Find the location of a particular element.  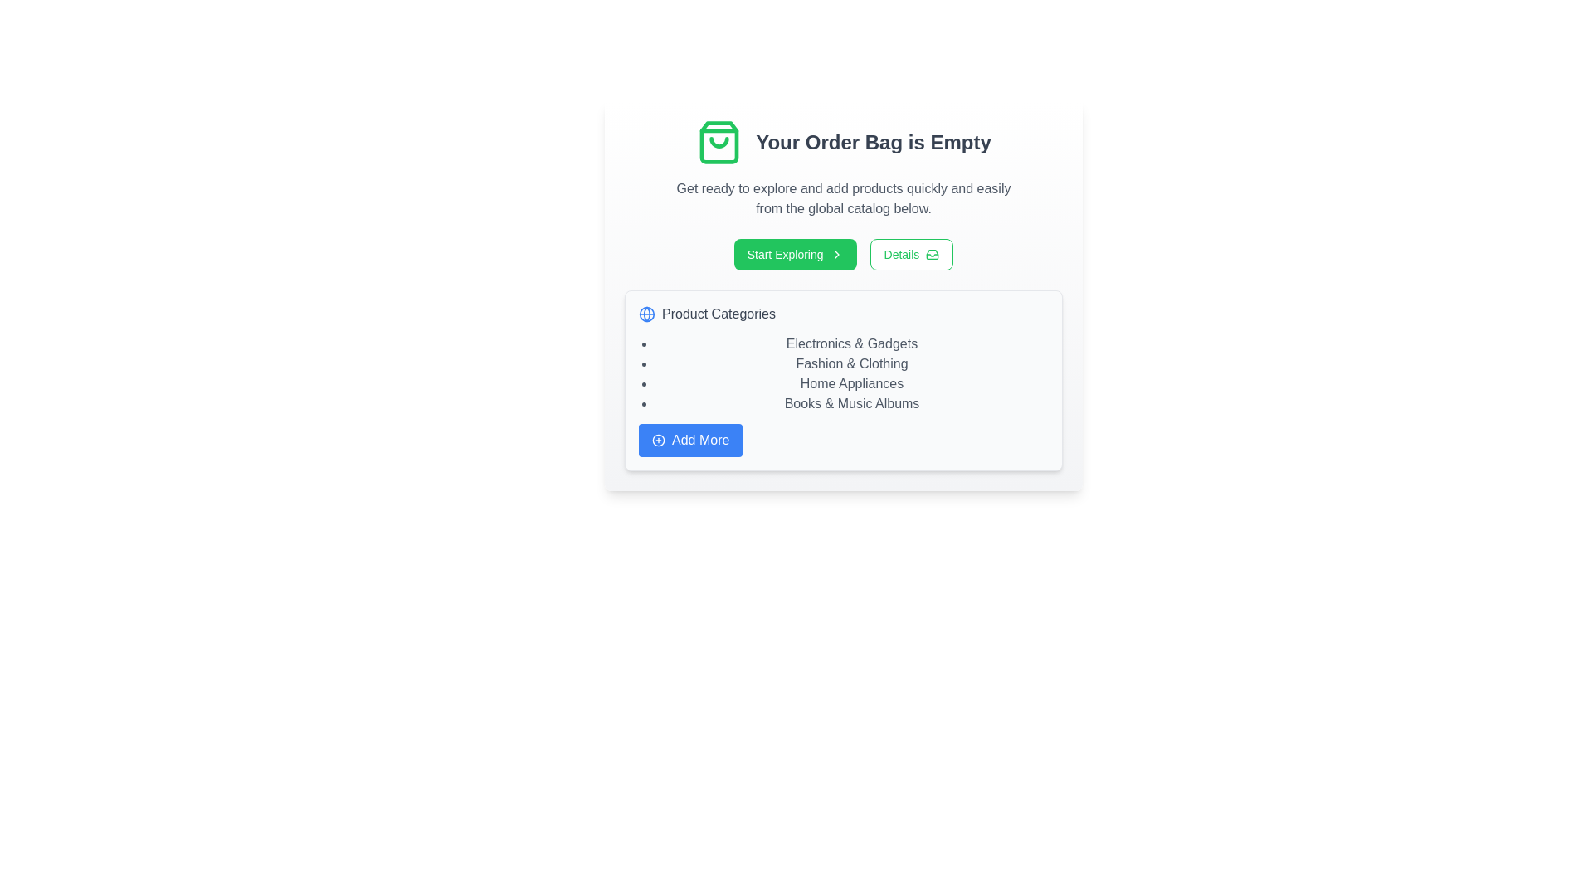

the rectangular button labeled 'Details' with a white background and green border, located below the 'Your Order Bag is Empty' section is located at coordinates (910, 255).